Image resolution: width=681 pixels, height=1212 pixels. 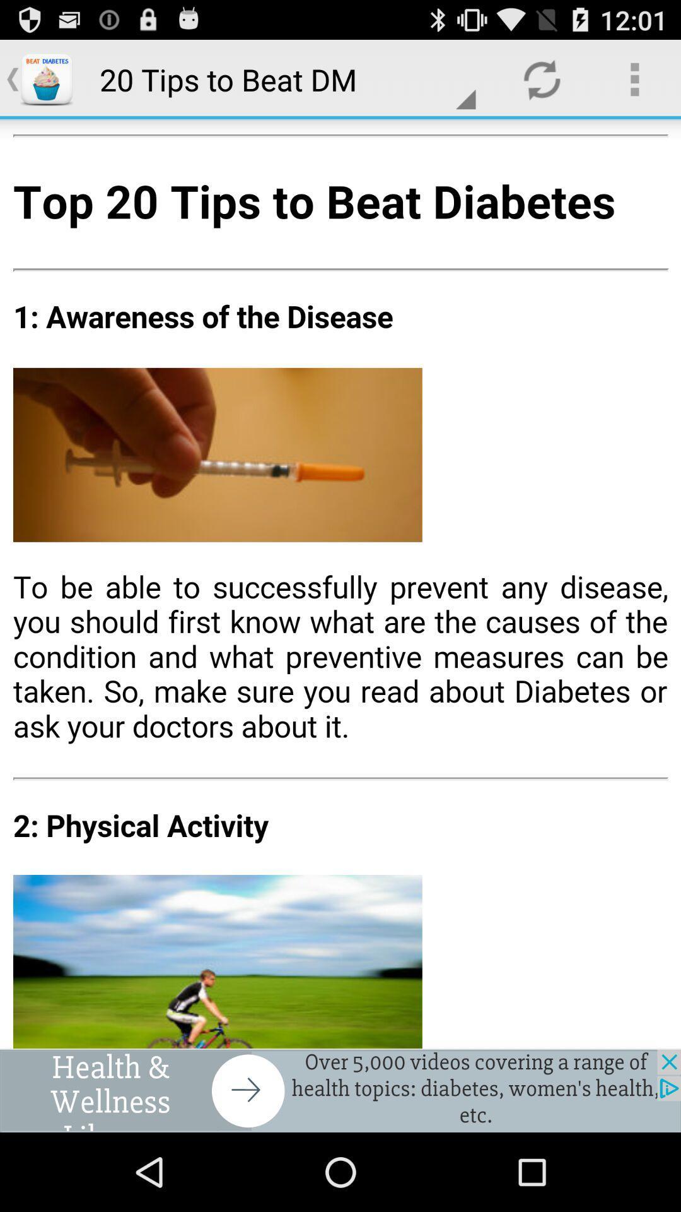 I want to click on new open option, so click(x=340, y=1090).